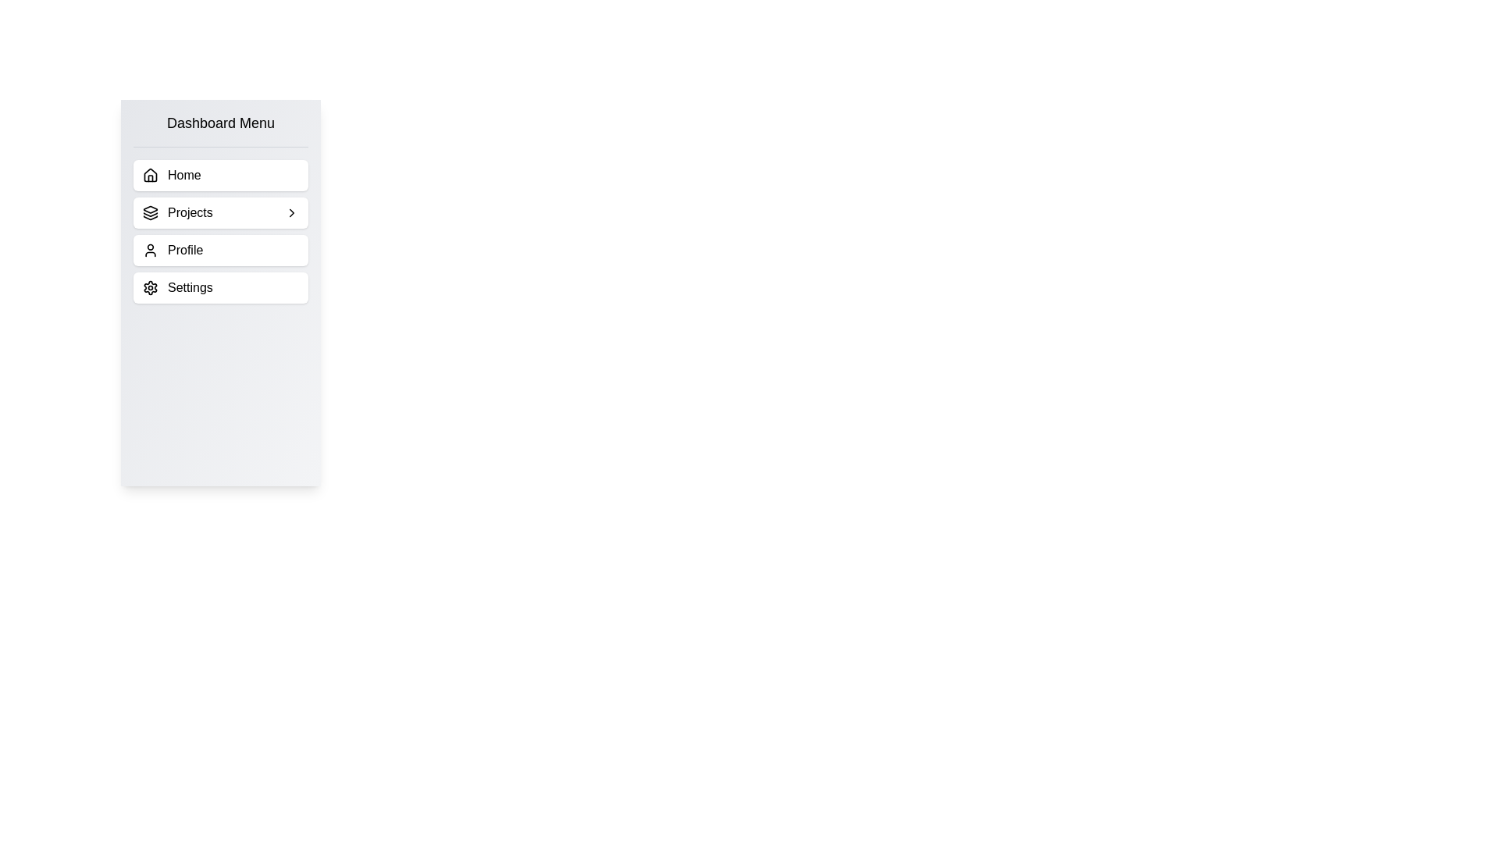  What do you see at coordinates (184, 175) in the screenshot?
I see `the text label indicating 'Dashboard Menu'` at bounding box center [184, 175].